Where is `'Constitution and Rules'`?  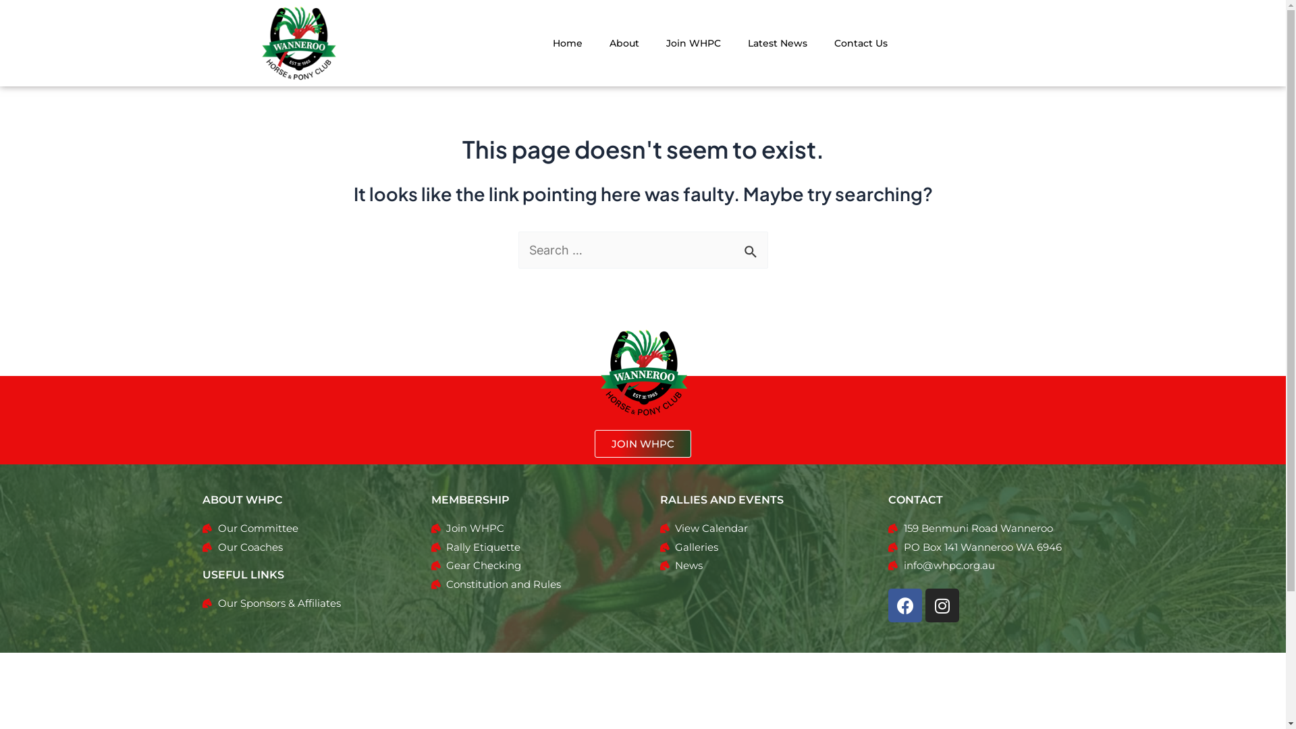
'Constitution and Rules' is located at coordinates (528, 584).